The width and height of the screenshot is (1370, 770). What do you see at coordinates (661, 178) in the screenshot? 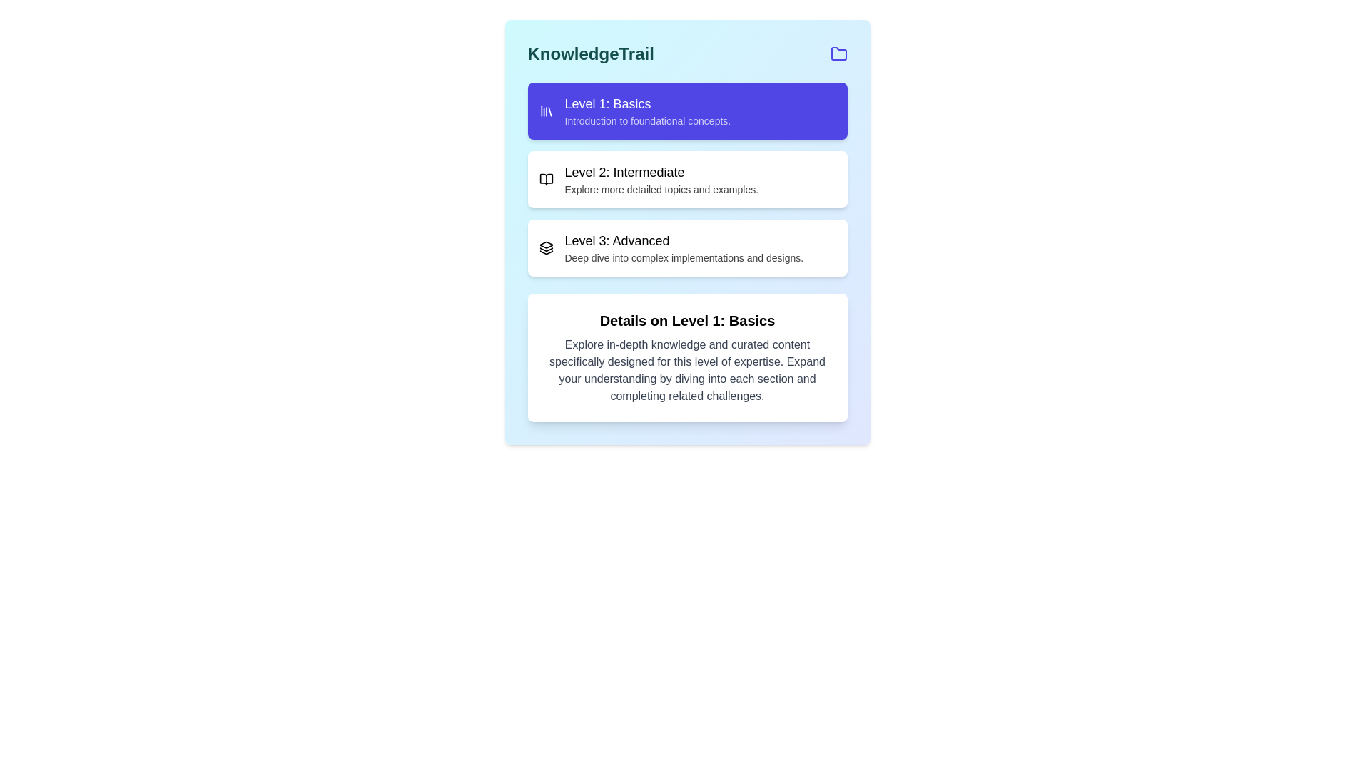
I see `the text description 'Level 2: Intermediate' within the 'KnowledgeTrail' menu` at bounding box center [661, 178].